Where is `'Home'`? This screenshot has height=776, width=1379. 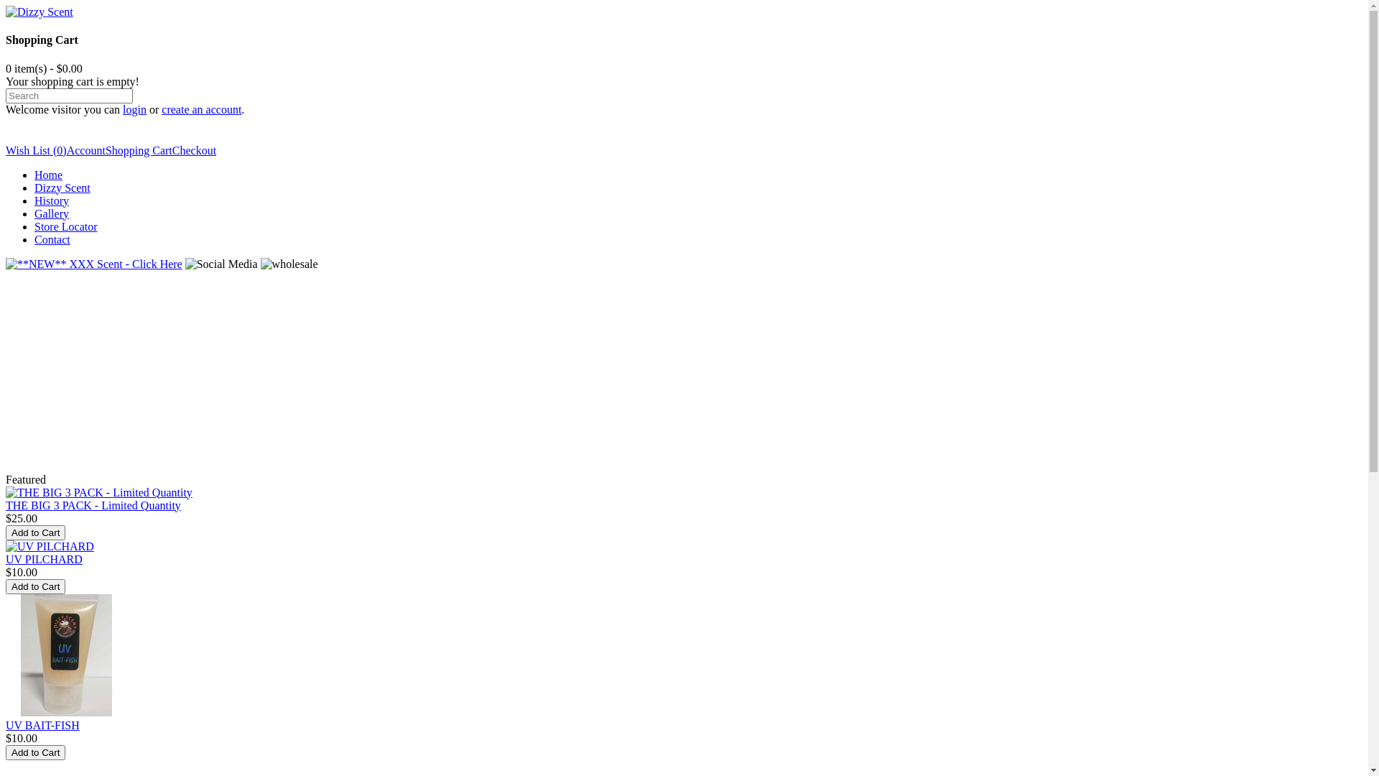
'Home' is located at coordinates (48, 174).